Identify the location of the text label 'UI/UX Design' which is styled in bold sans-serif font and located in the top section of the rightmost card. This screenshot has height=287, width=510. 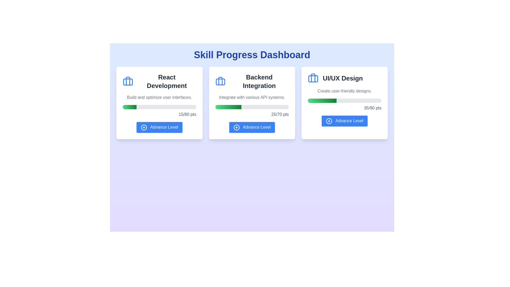
(343, 78).